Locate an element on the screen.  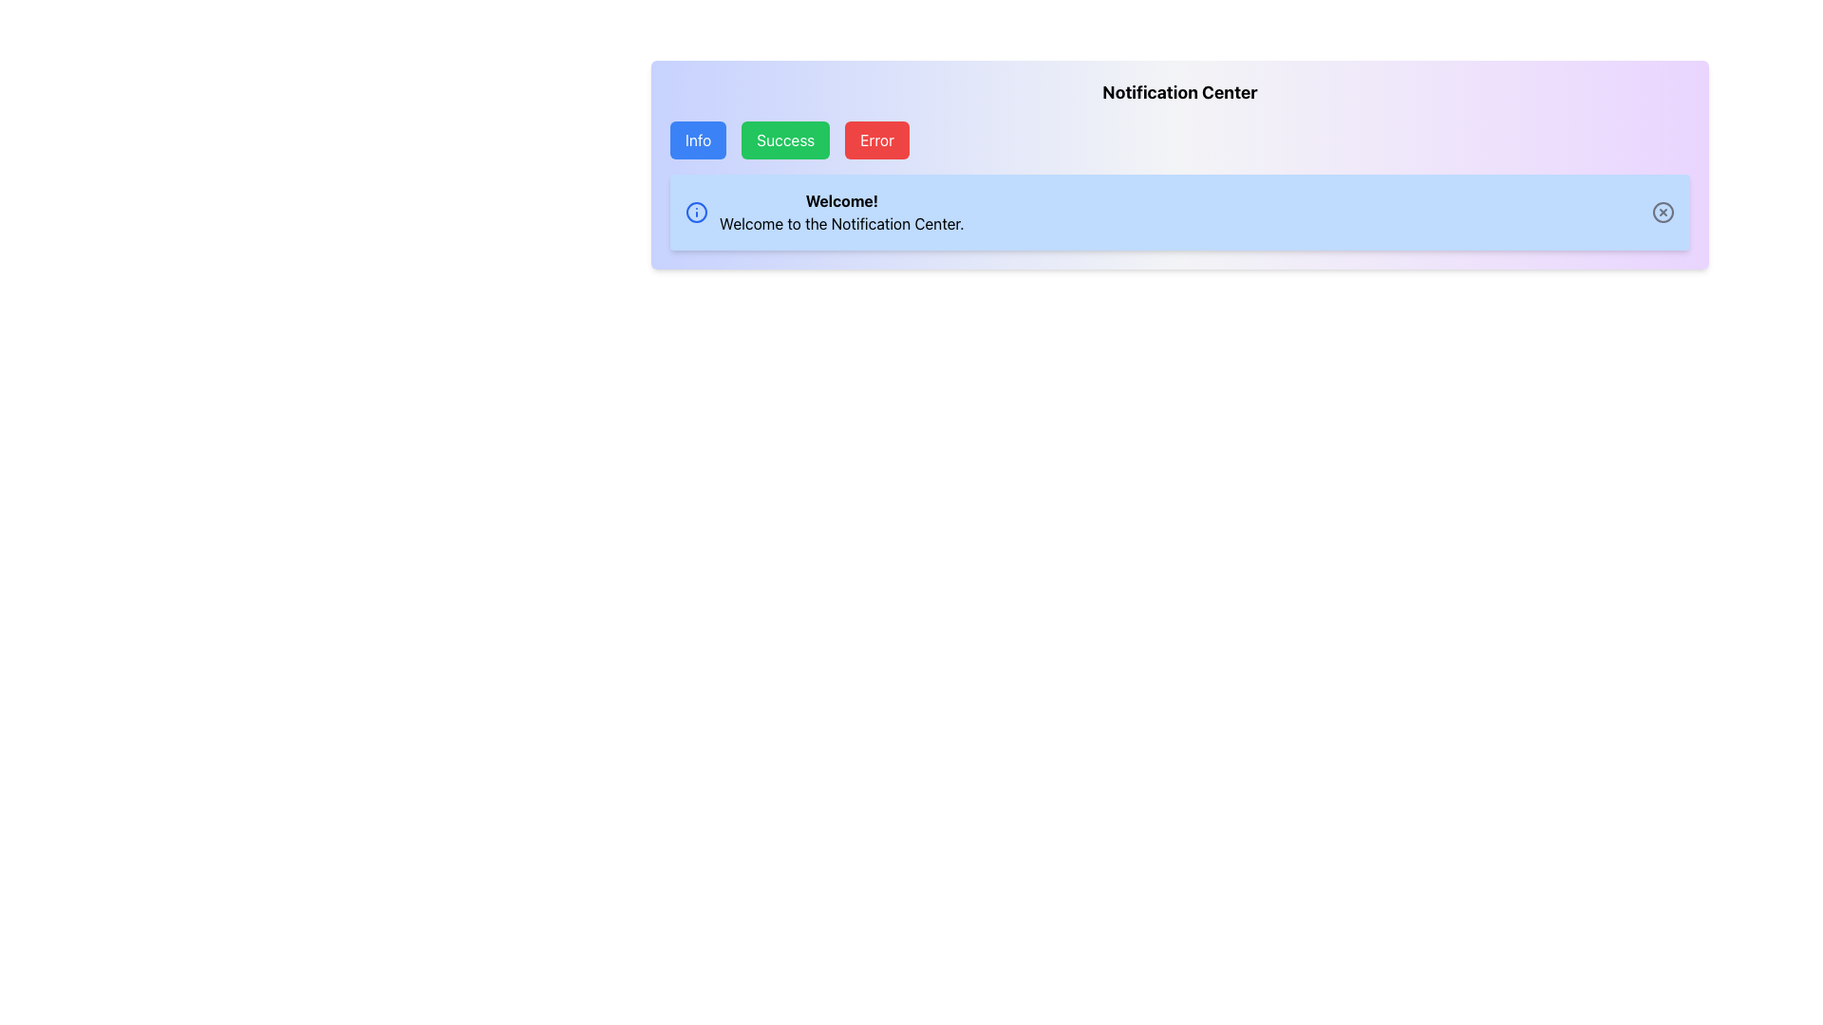
the red 'Error' button, which is the third button in a horizontally aligned group of buttons is located at coordinates (876, 139).